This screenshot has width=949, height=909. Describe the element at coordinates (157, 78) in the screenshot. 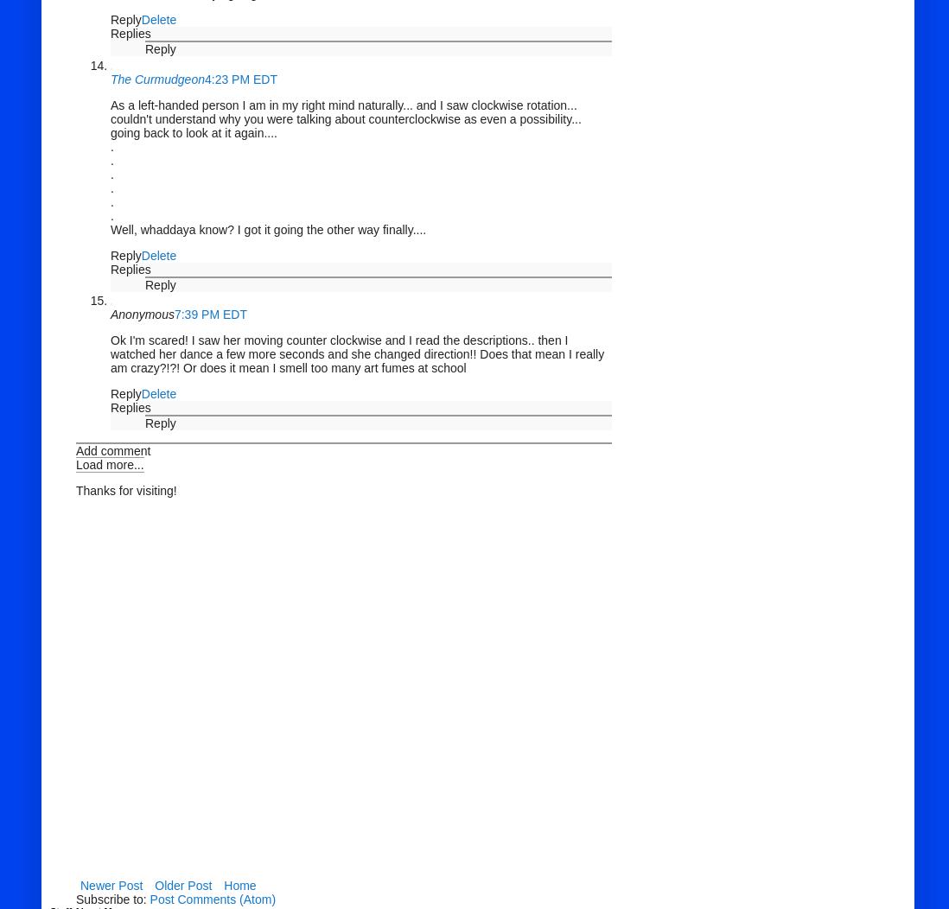

I see `'The Curmudgeon'` at that location.